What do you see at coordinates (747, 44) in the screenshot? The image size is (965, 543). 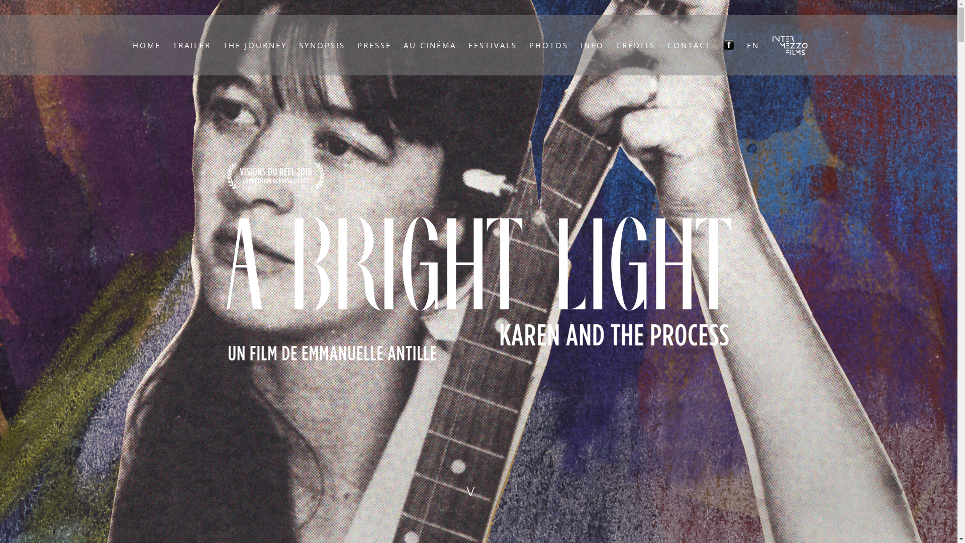 I see `'EN'` at bounding box center [747, 44].